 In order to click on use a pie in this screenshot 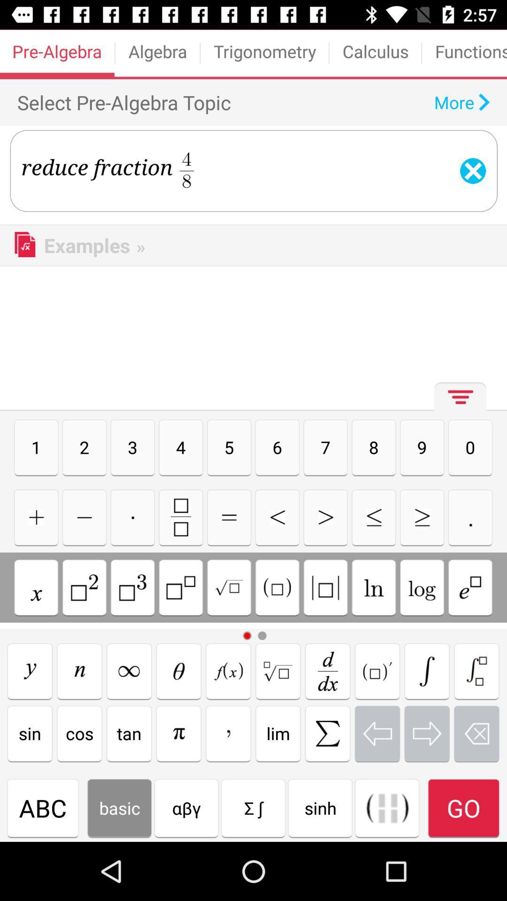, I will do `click(179, 733)`.